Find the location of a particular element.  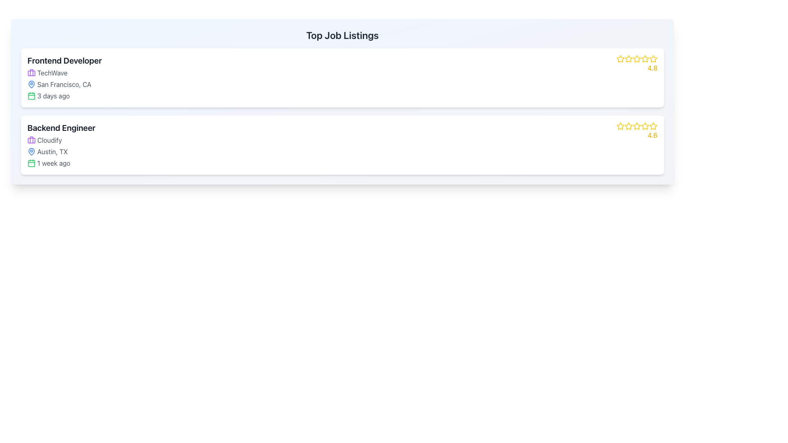

the fourth star-shaped icon with a yellow outline in the rating component of the first job listing card is located at coordinates (644, 58).